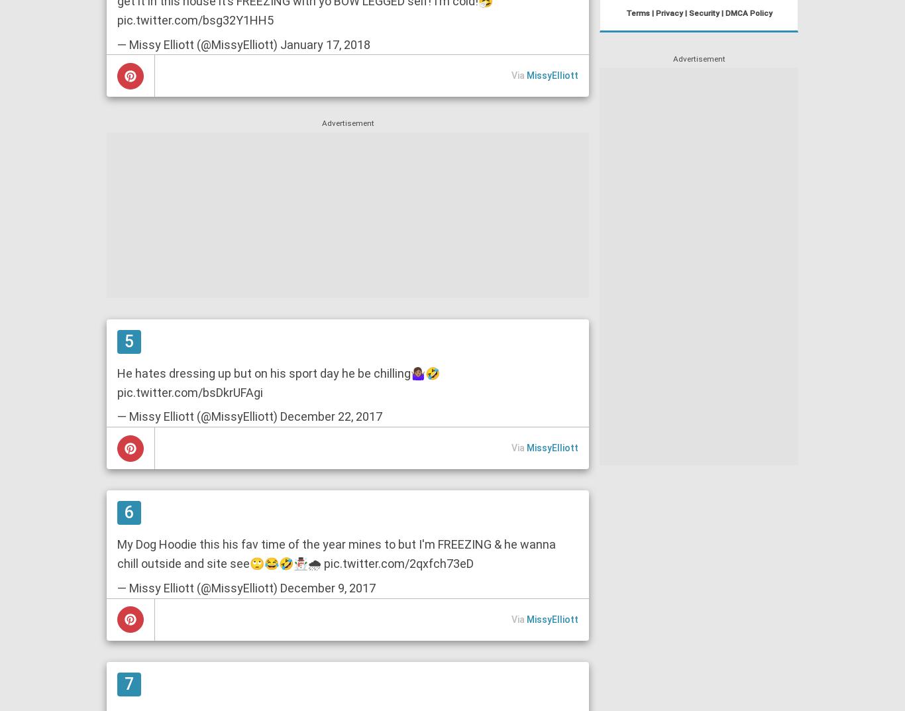 This screenshot has height=711, width=905. Describe the element at coordinates (278, 372) in the screenshot. I see `'He hates dressing up but on his sport day he be chilling🤷🏽‍♀️🤣'` at that location.